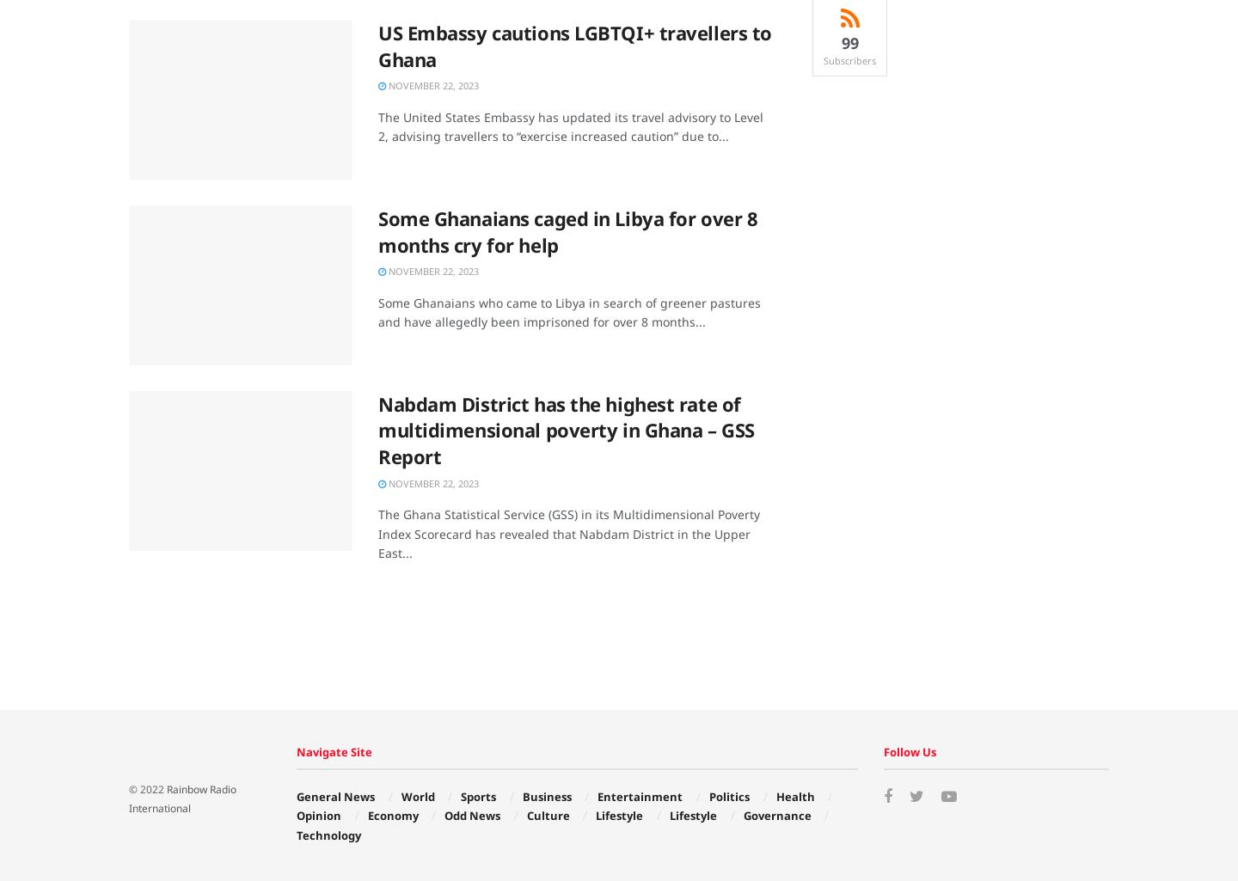  Describe the element at coordinates (909, 751) in the screenshot. I see `'Follow Us'` at that location.